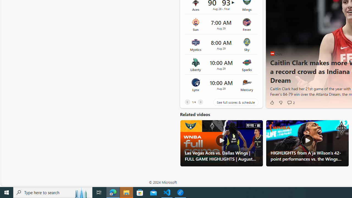  I want to click on 'View comments 2 Comment', so click(289, 102).